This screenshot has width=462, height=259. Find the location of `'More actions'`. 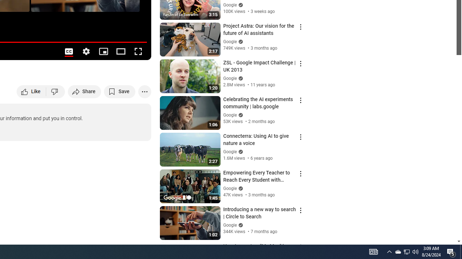

'More actions' is located at coordinates (144, 91).